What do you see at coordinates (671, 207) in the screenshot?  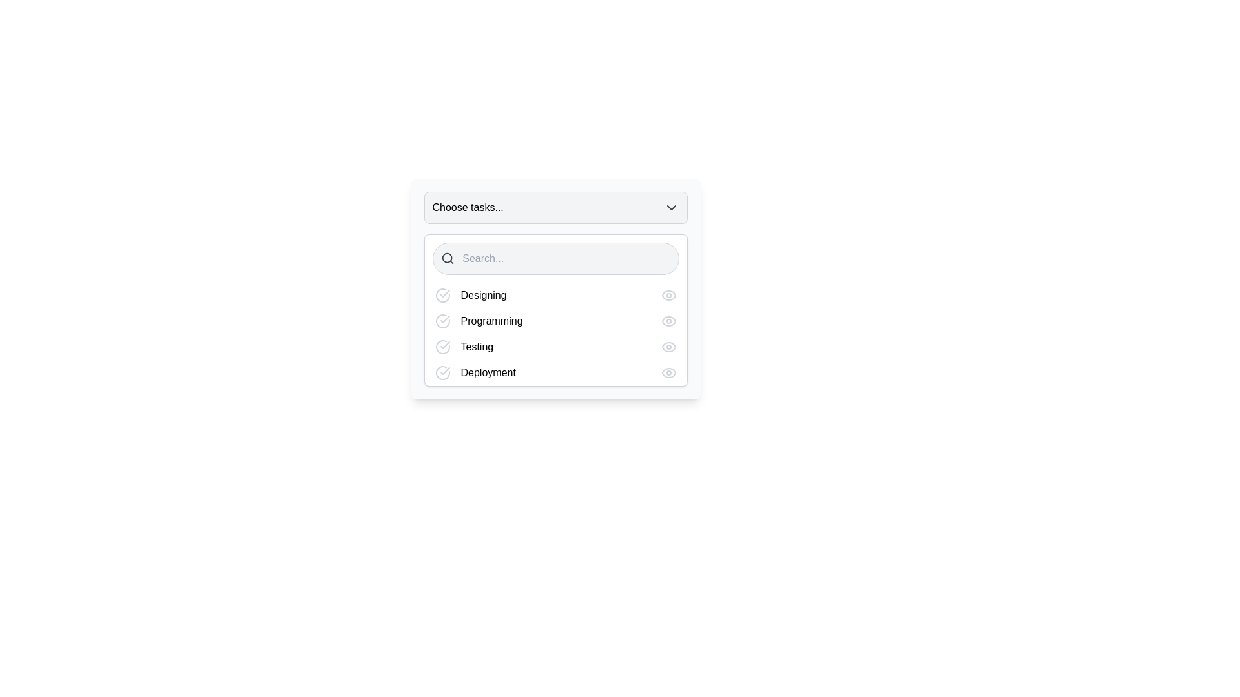 I see `the Dropdown Indicator Icon, which is a gray chevron-down arrow located to the right of the text 'Choose tasks...' in the header area` at bounding box center [671, 207].